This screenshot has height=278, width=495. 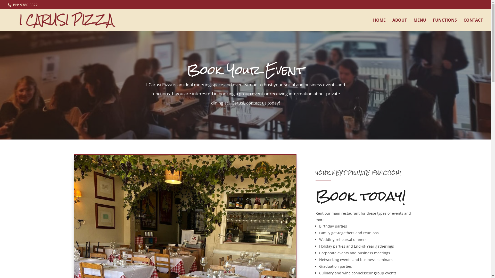 I want to click on 'CONTACT', so click(x=473, y=24).